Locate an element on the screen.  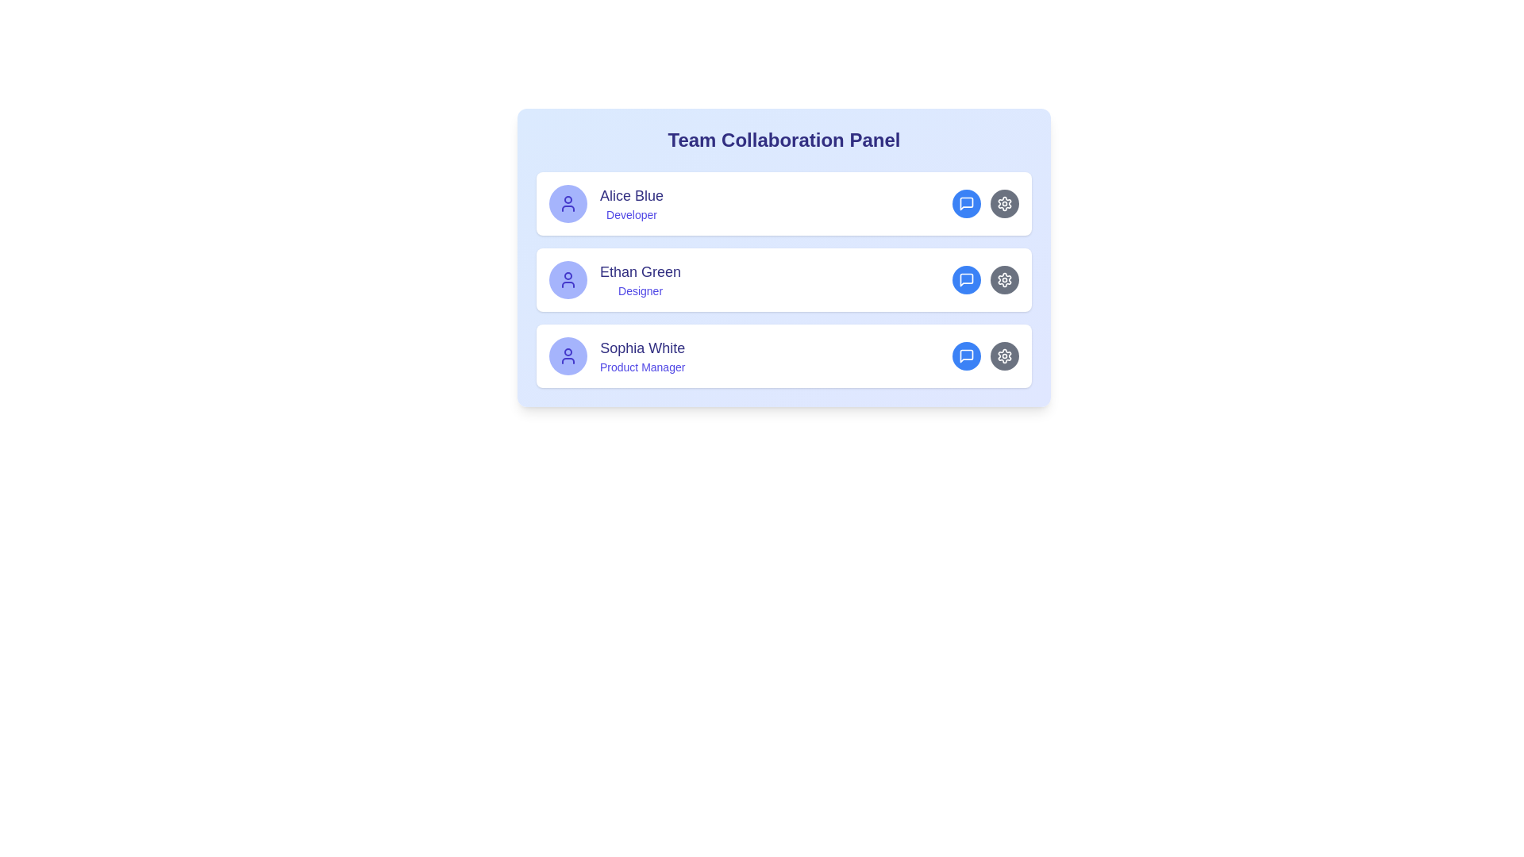
the user profile card for 'Alice Blue', which features a circular avatar on the left and displays the name 'Alice Blue' in large, bold font and the role 'Developer' in smaller, italicized font, to associate the profile details with other interface elements is located at coordinates (605, 203).